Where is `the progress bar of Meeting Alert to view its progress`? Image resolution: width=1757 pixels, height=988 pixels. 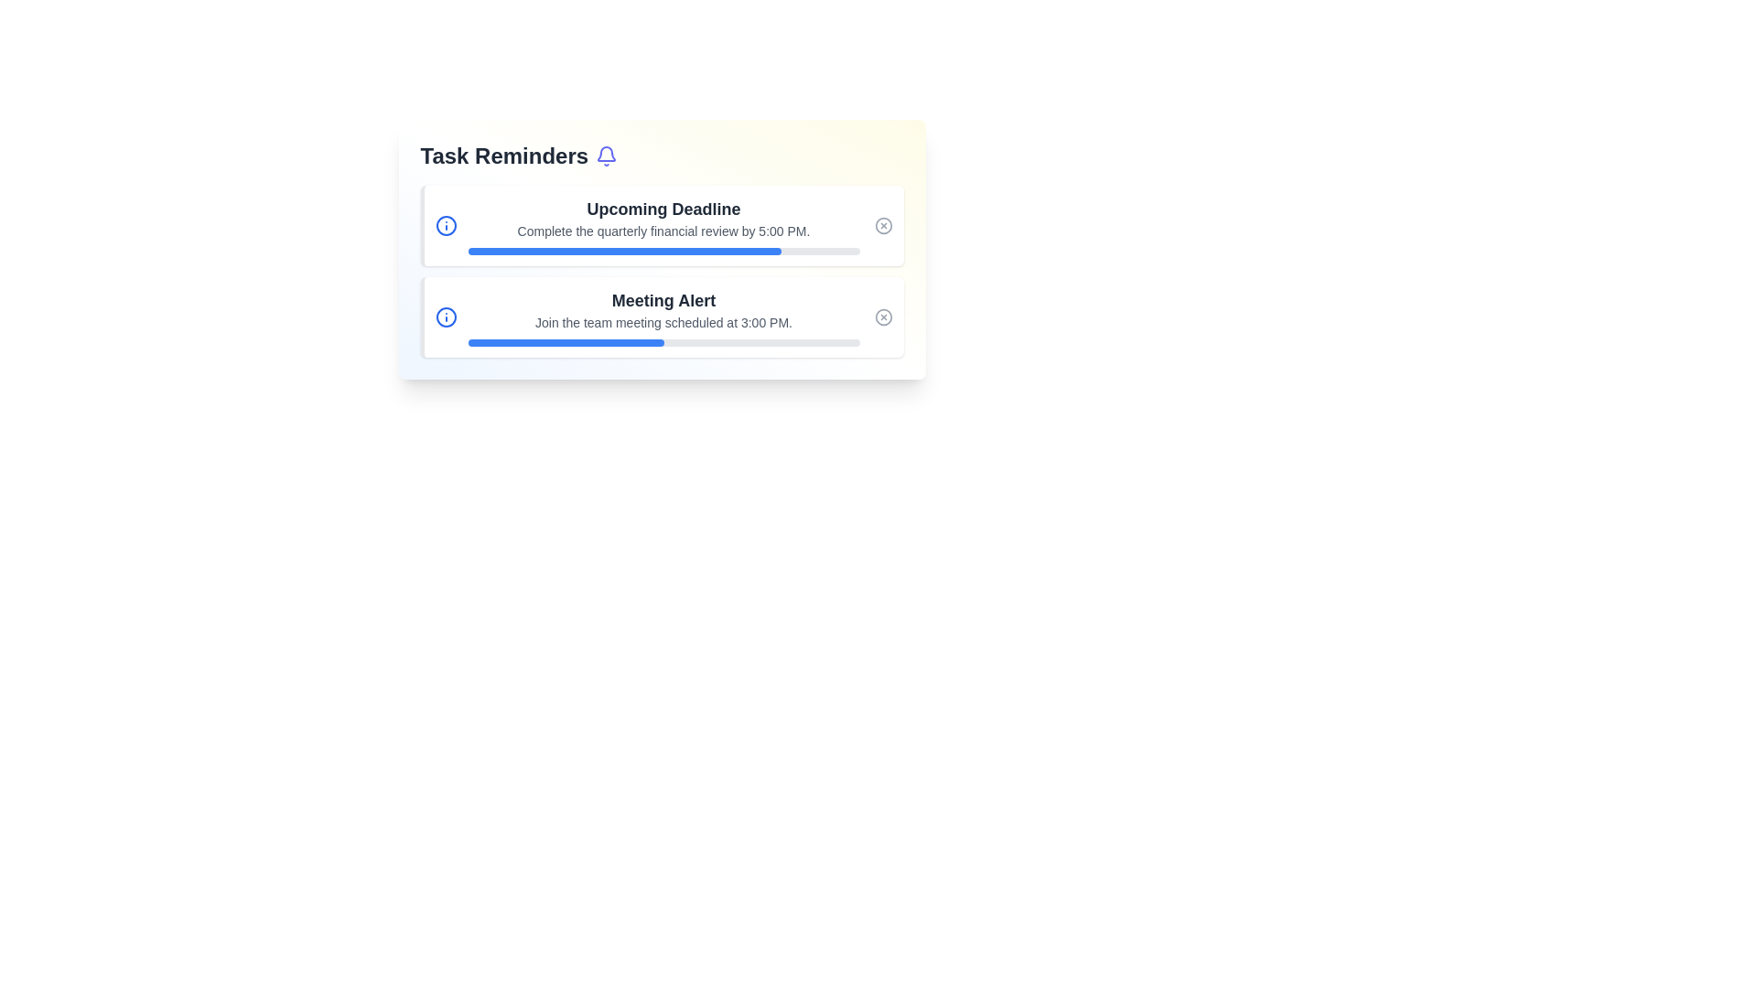 the progress bar of Meeting Alert to view its progress is located at coordinates (663, 342).